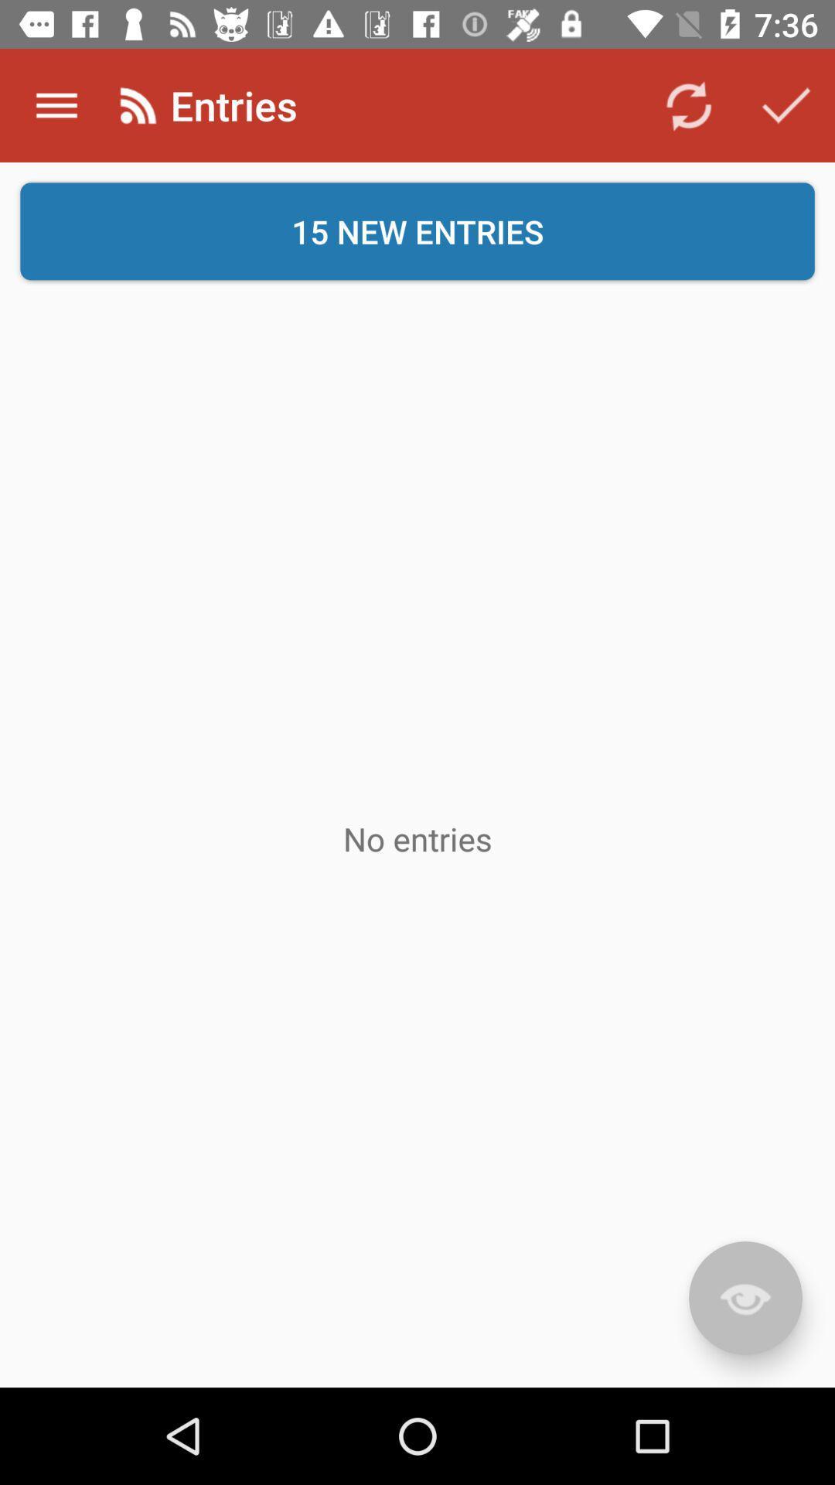  Describe the element at coordinates (745, 1298) in the screenshot. I see `item at the bottom right corner` at that location.